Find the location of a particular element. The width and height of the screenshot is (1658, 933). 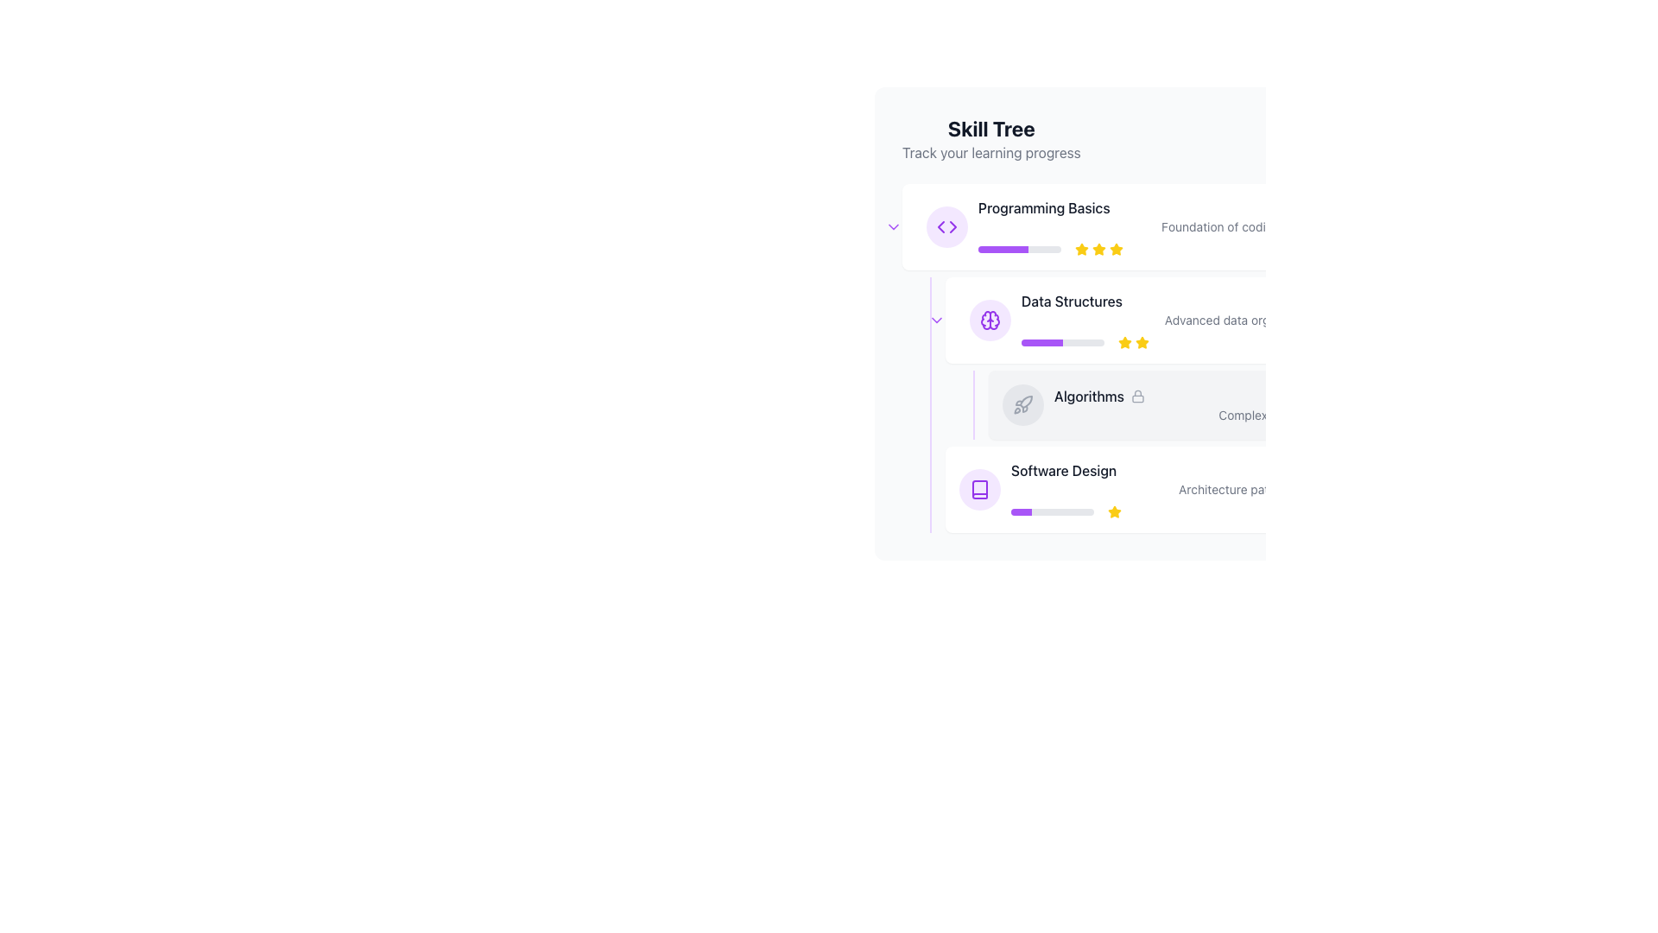

the third star icon representing a rating for the 'Data Structures' topic is located at coordinates (1142, 342).